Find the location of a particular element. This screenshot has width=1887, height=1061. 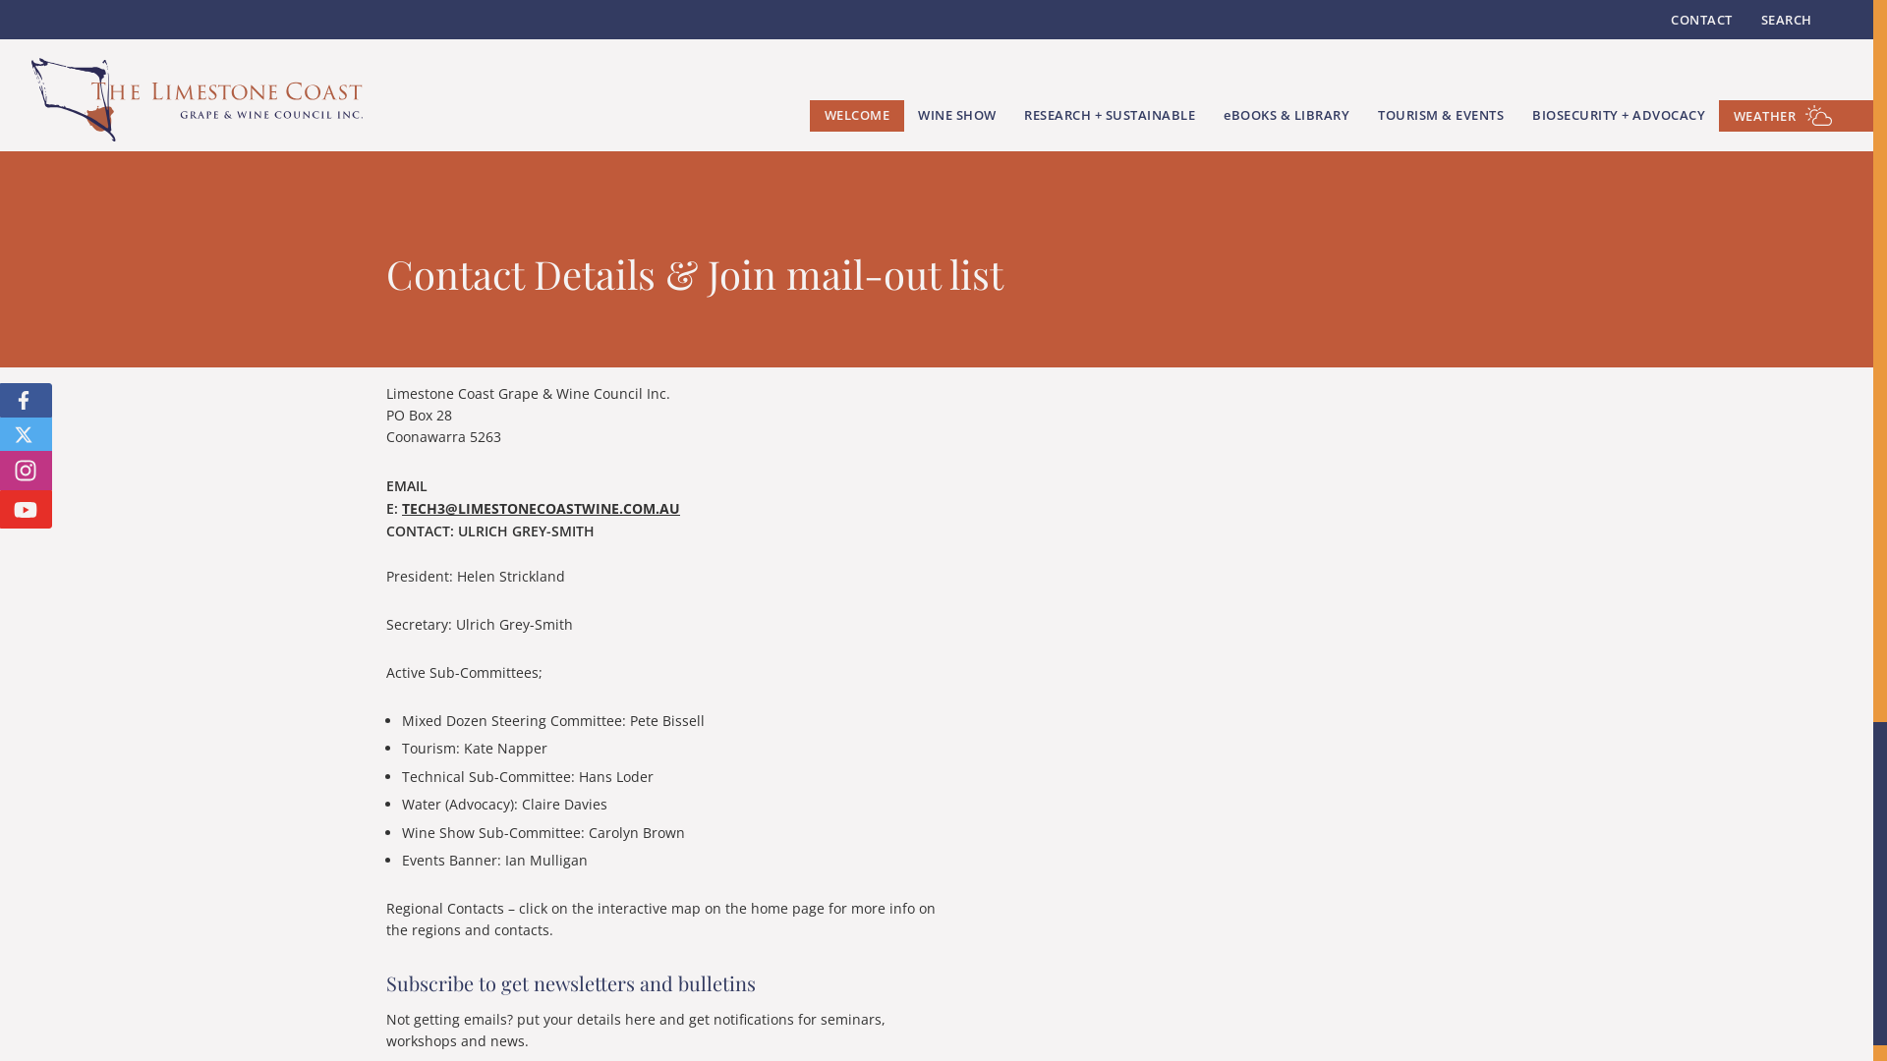

'FOLLOW US ON X' is located at coordinates (26, 433).